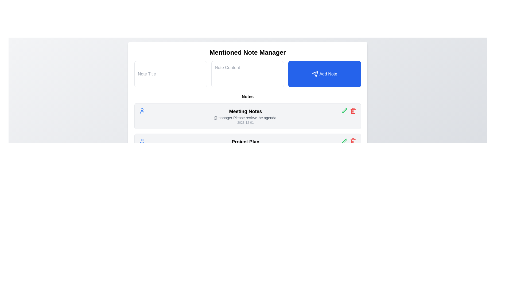  Describe the element at coordinates (315, 74) in the screenshot. I see `the SVG graphic element within the 'Add Note' button` at that location.